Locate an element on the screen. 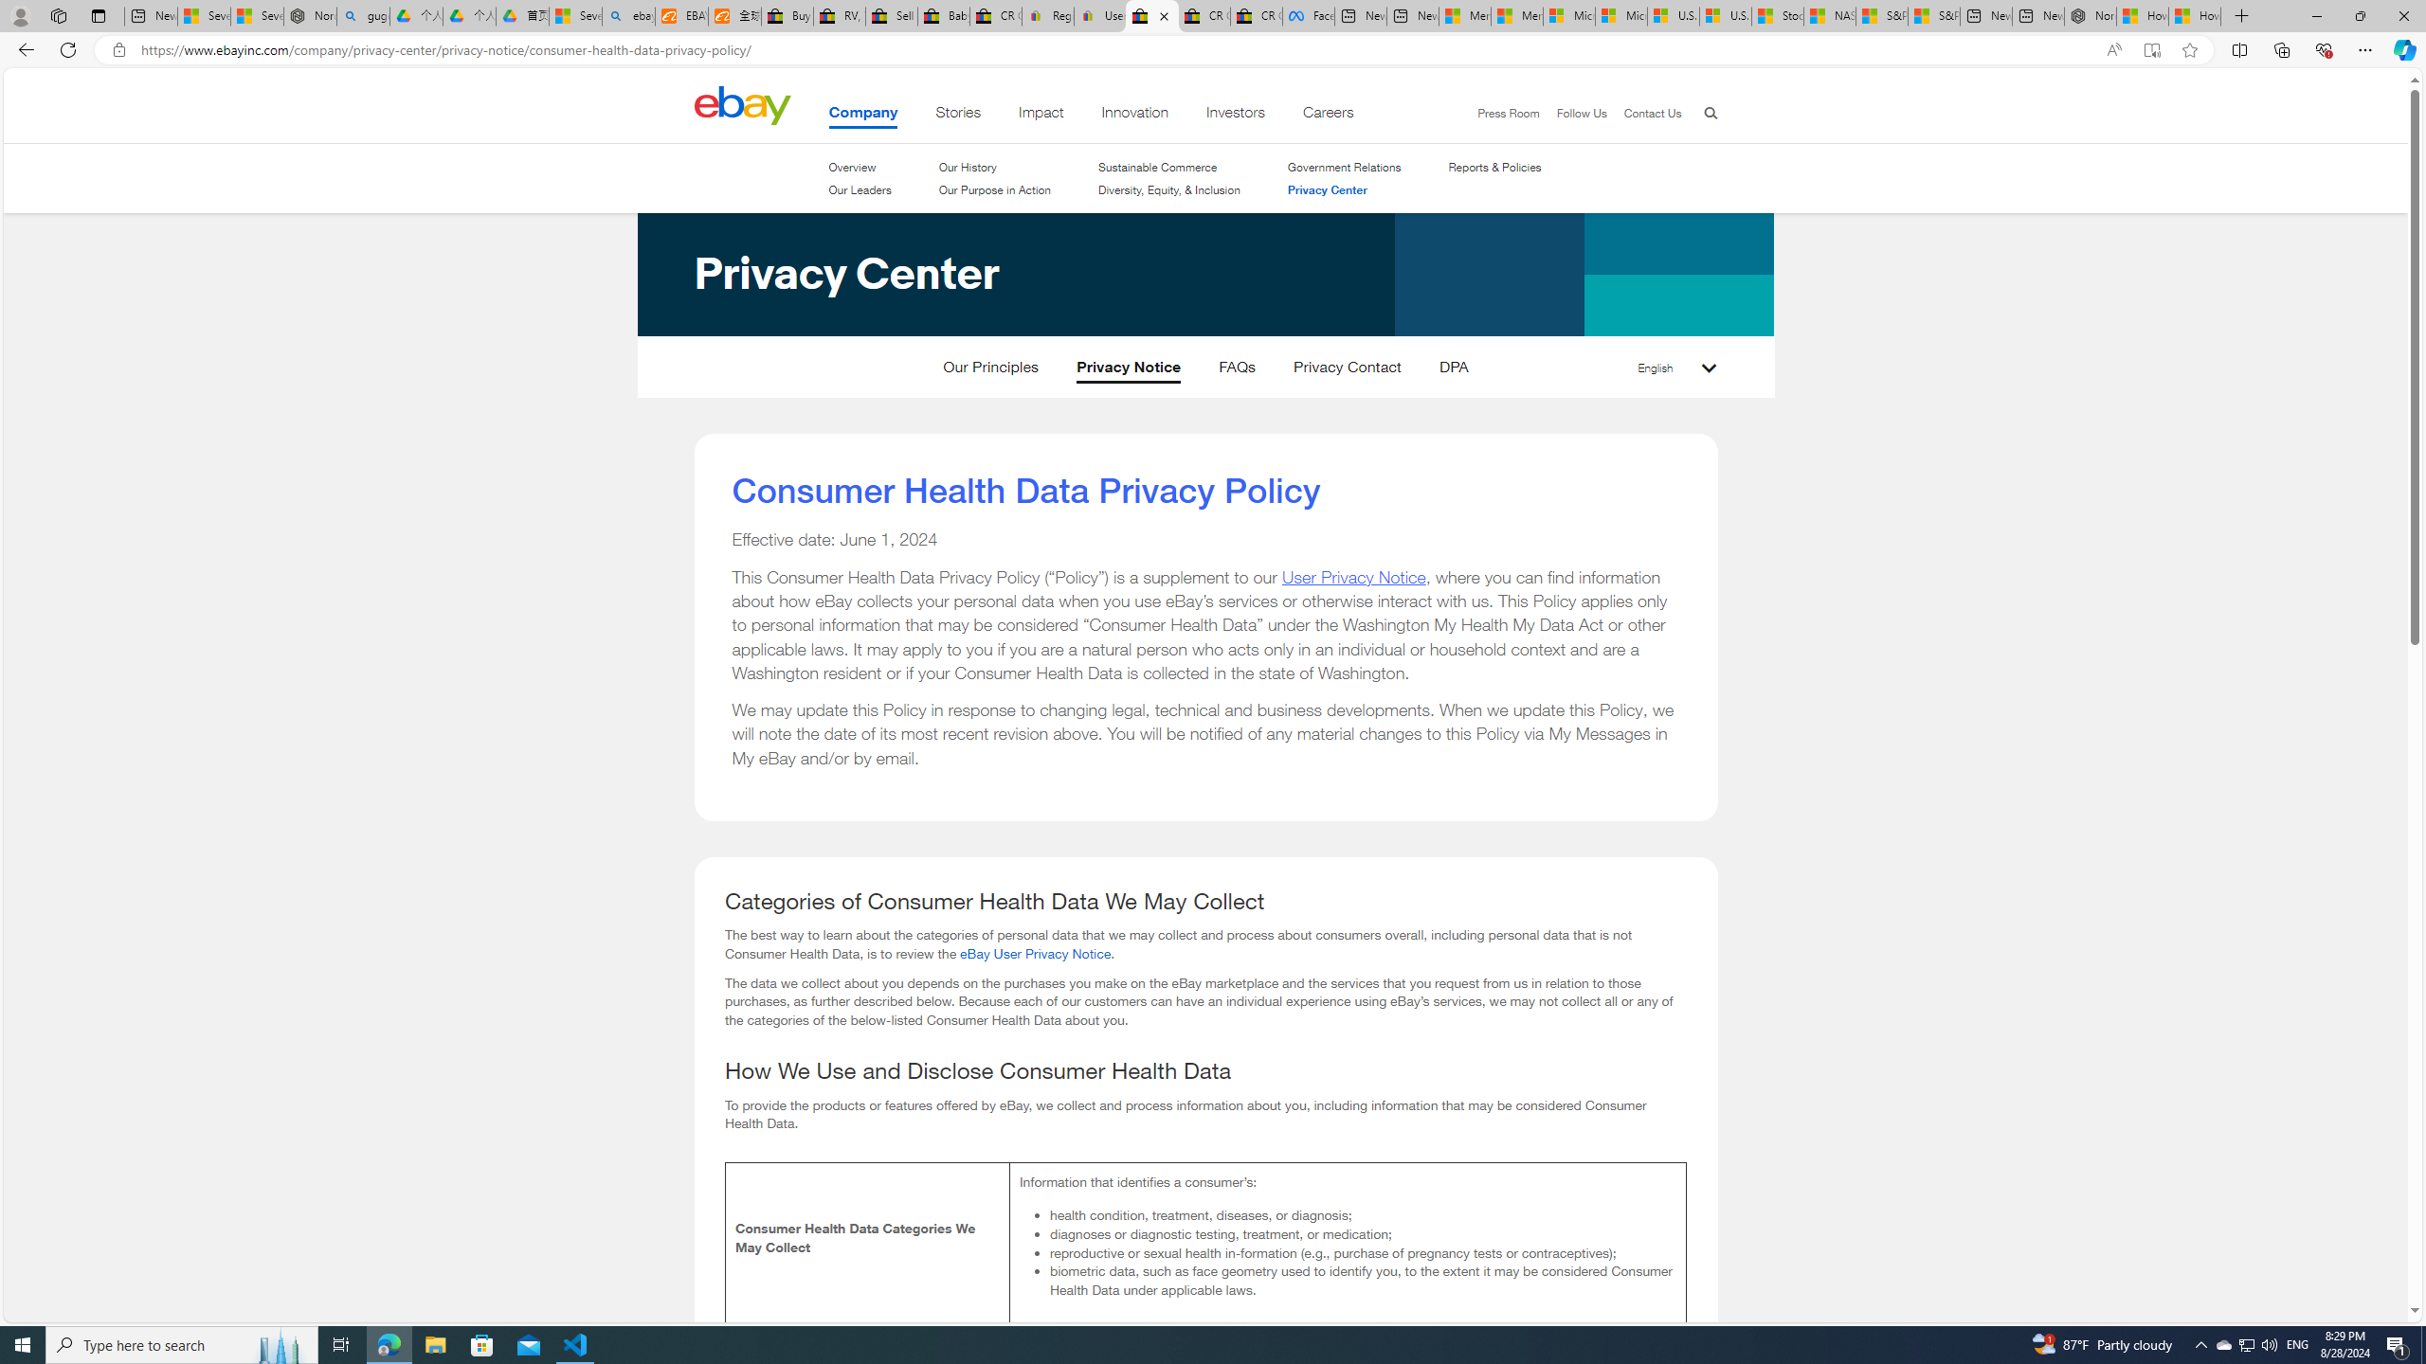 This screenshot has height=1364, width=2426. 'RV, Trailer & Camper Steps & Ladders for sale | eBay' is located at coordinates (838, 15).